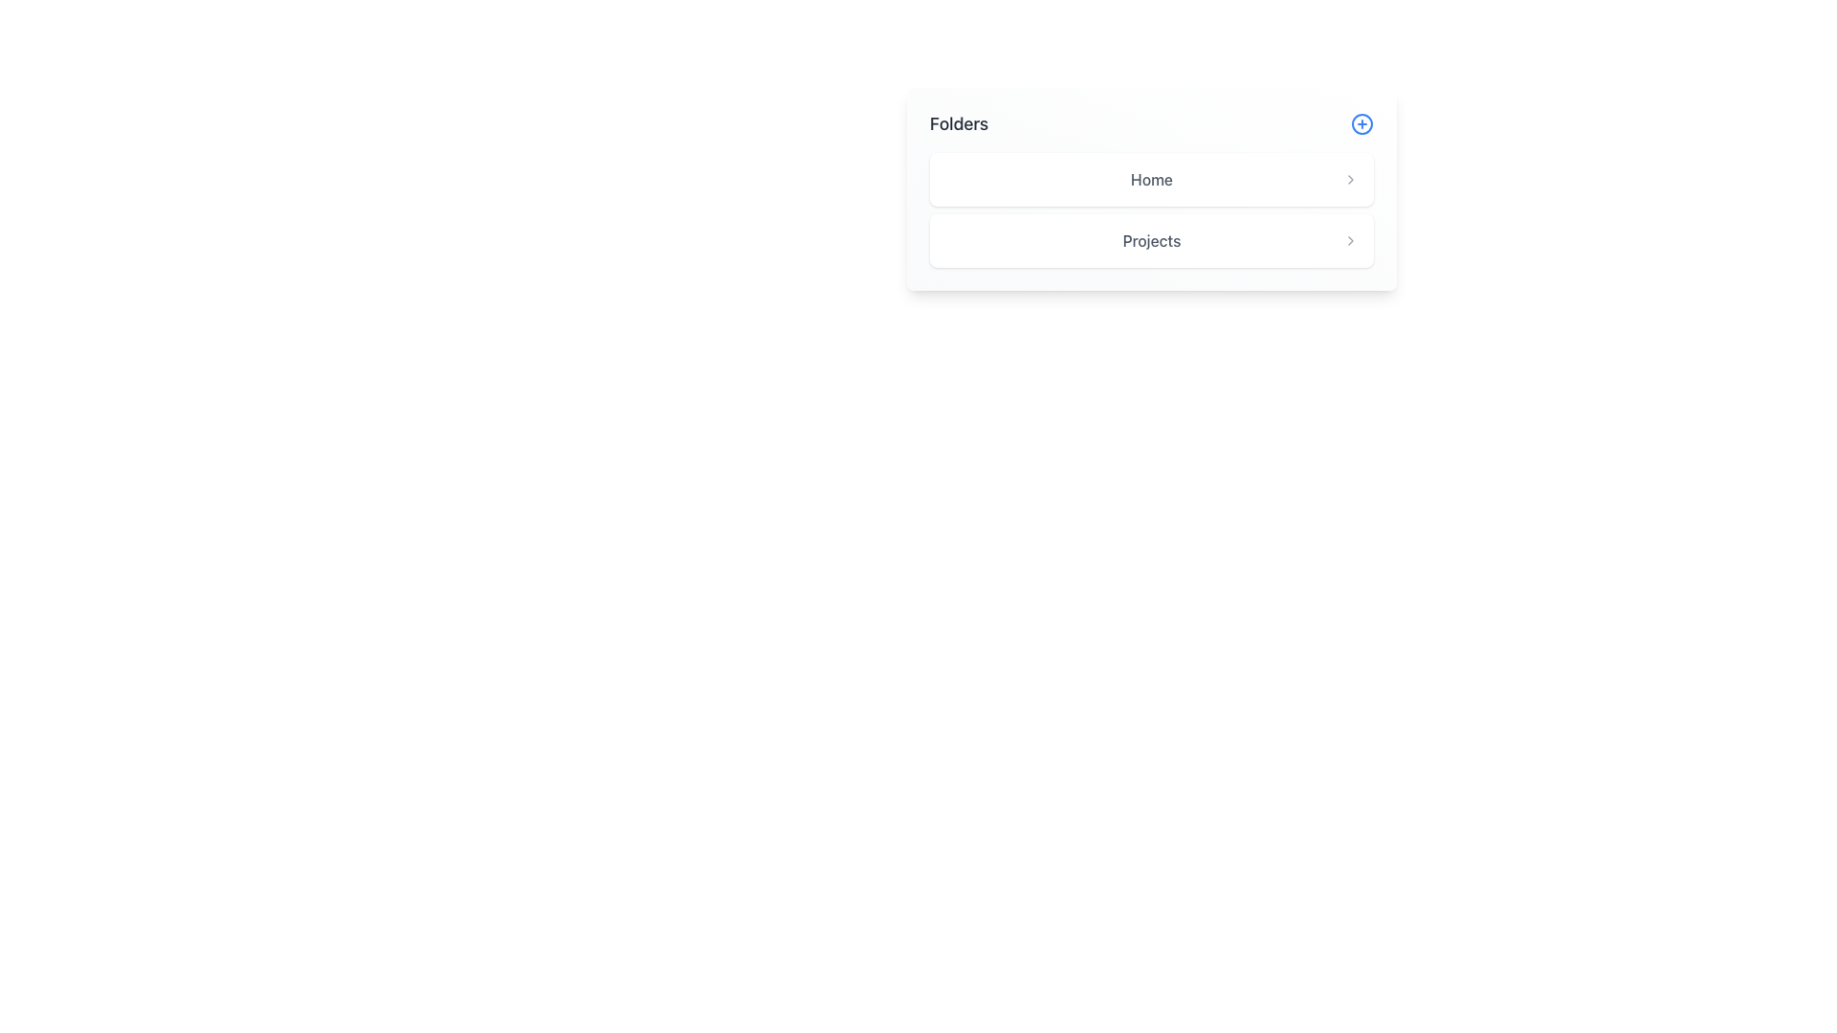 The image size is (1837, 1033). Describe the element at coordinates (1151, 180) in the screenshot. I see `the 'Home' navigation button located within the 'Folders' card to activate hover effects` at that location.